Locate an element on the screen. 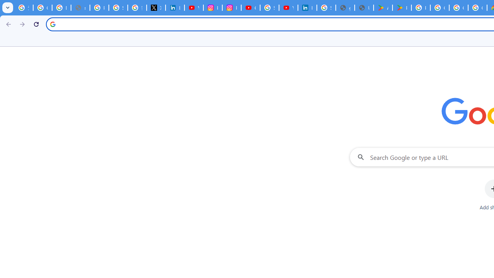  'Sign in - Google Accounts' is located at coordinates (326, 8).